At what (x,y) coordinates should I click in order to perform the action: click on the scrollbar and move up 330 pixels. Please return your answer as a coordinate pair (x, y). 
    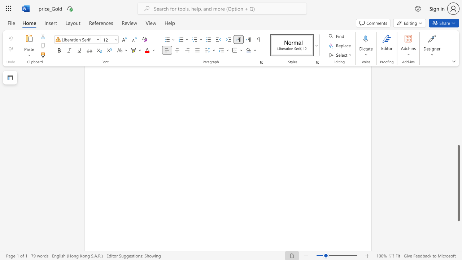
    Looking at the image, I should click on (458, 182).